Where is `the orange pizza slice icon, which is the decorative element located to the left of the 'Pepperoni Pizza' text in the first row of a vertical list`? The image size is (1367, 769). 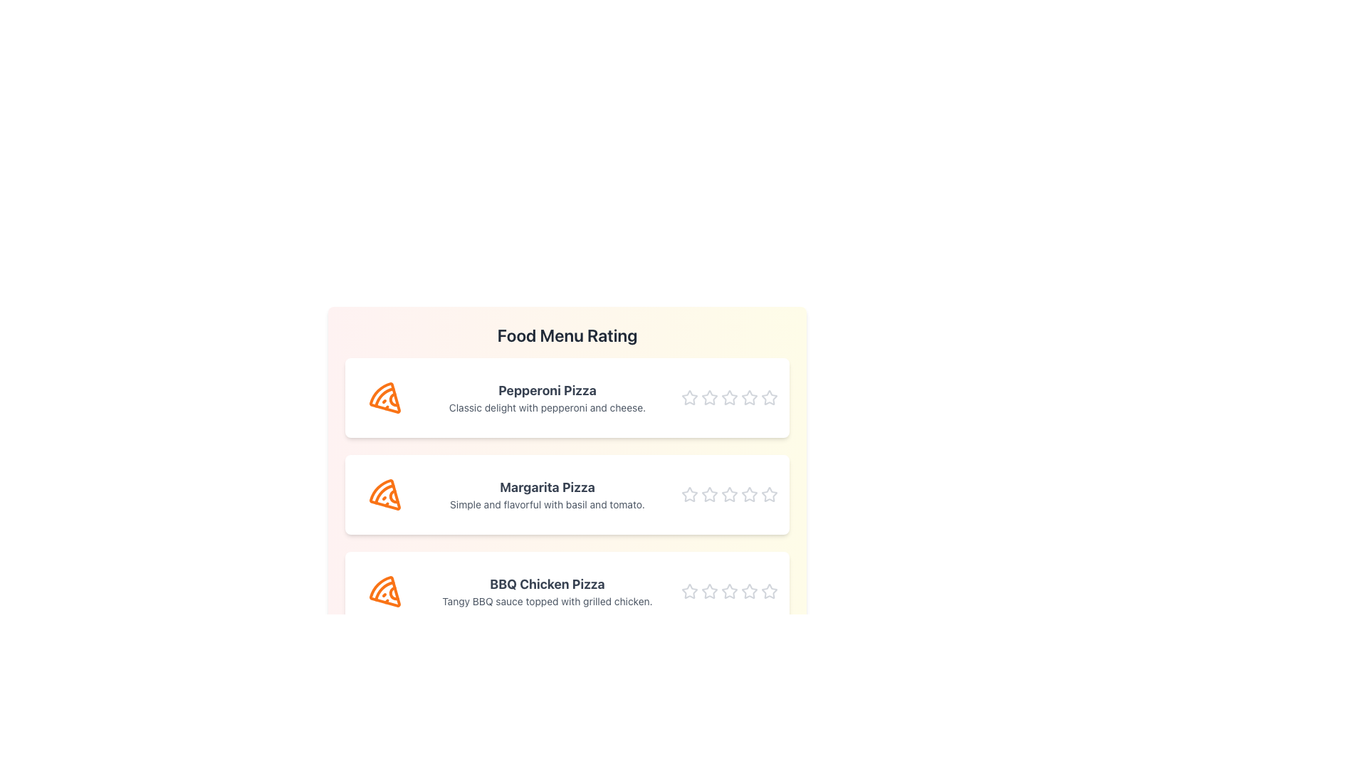
the orange pizza slice icon, which is the decorative element located to the left of the 'Pepperoni Pizza' text in the first row of a vertical list is located at coordinates (385, 398).